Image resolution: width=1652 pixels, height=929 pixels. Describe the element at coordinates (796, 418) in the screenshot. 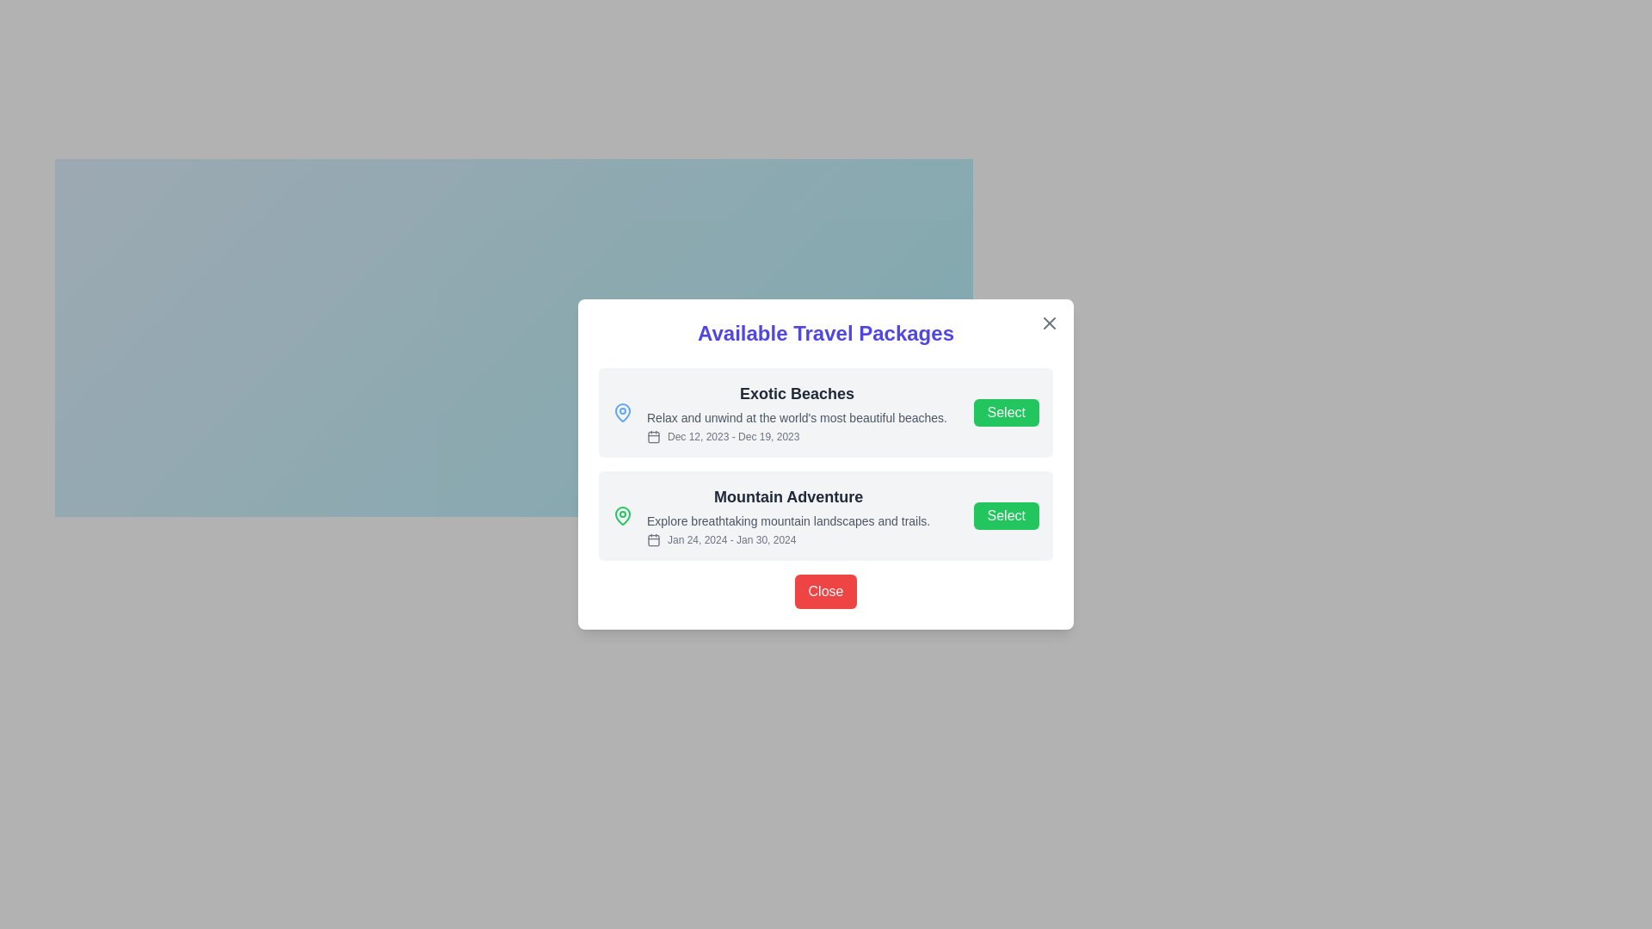

I see `descriptive information text about the travel package titled 'Exotic Beaches', which is centered below the title in the dialog box` at that location.